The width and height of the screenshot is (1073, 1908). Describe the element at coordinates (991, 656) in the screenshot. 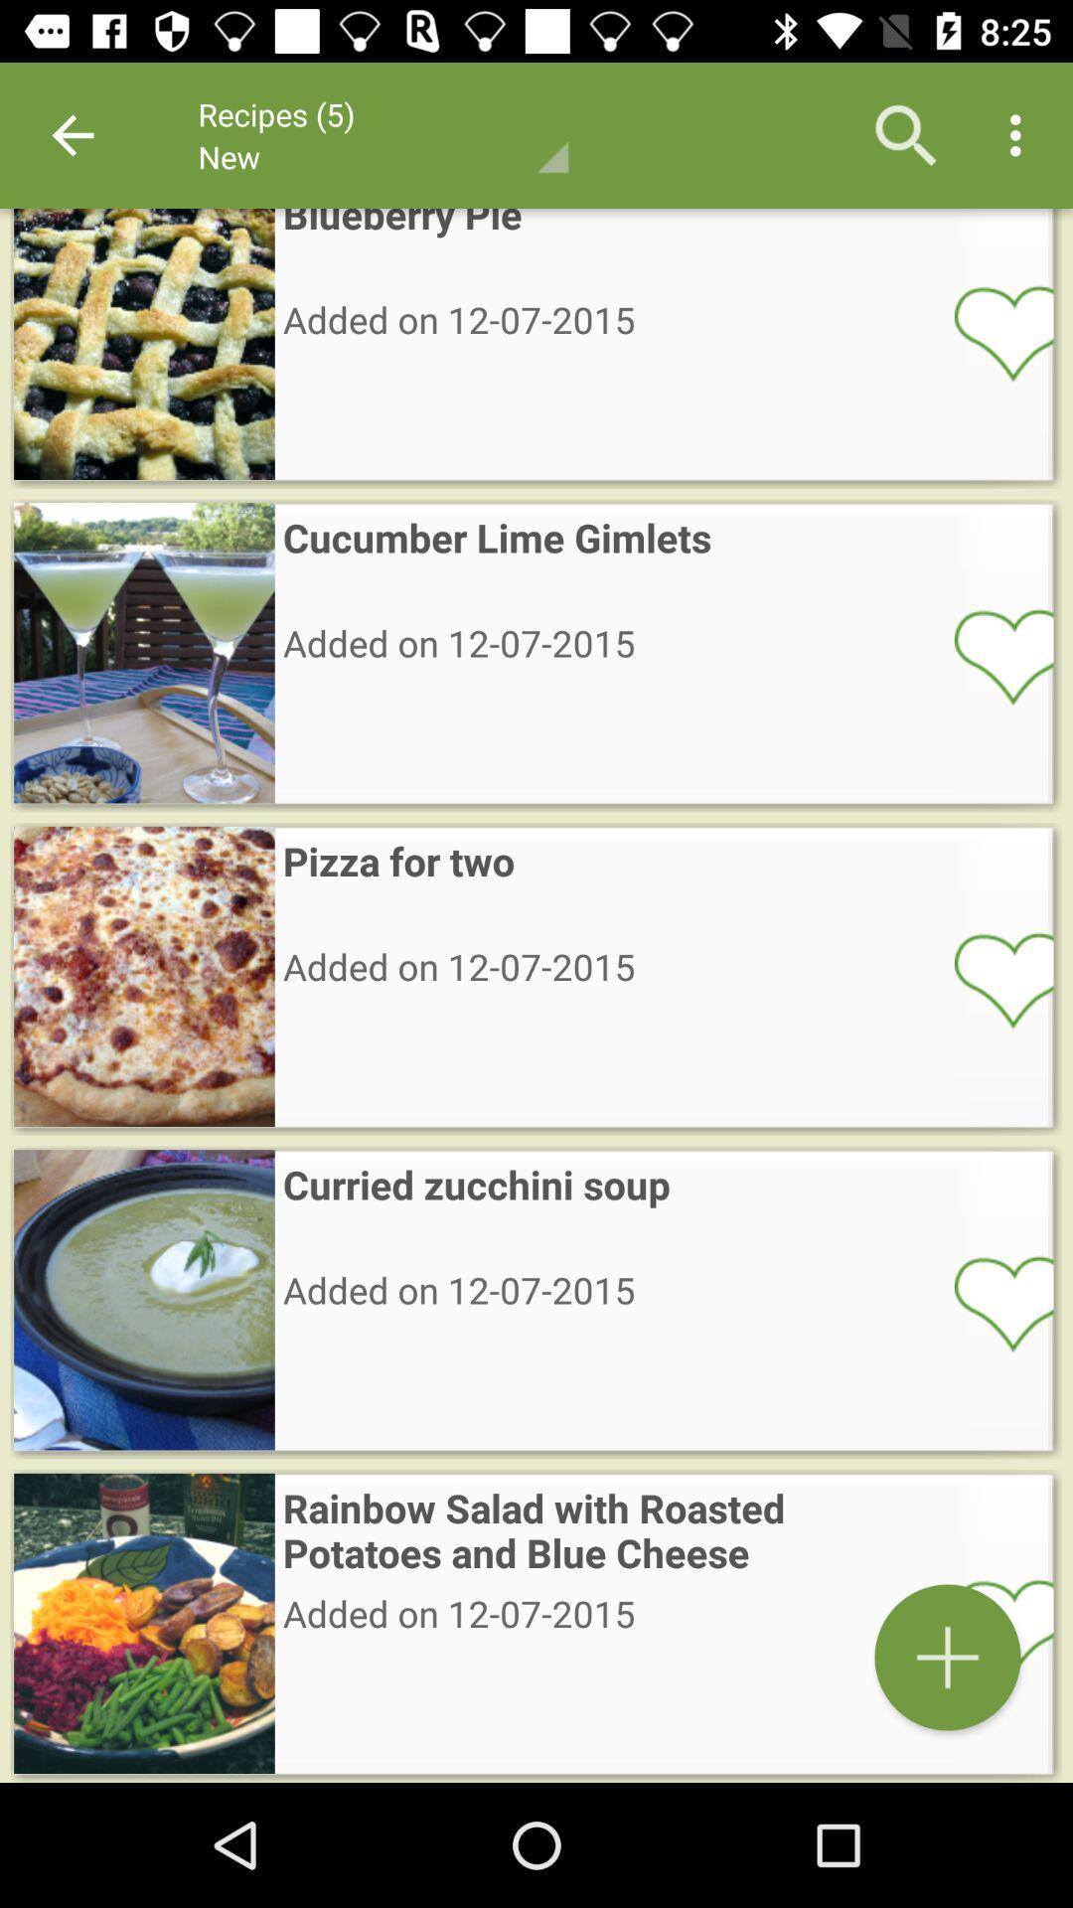

I see `share the article` at that location.